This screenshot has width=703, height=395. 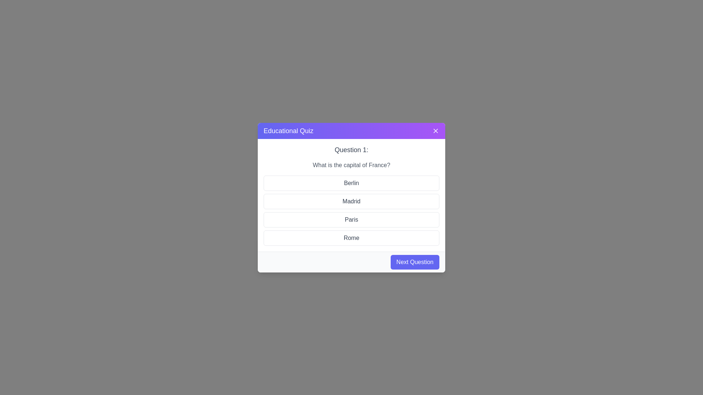 What do you see at coordinates (351, 165) in the screenshot?
I see `the static text element that serves as a question prompt in the 'Educational Quiz' modal, located directly beneath the heading 'Question 1:' and above the answer options` at bounding box center [351, 165].